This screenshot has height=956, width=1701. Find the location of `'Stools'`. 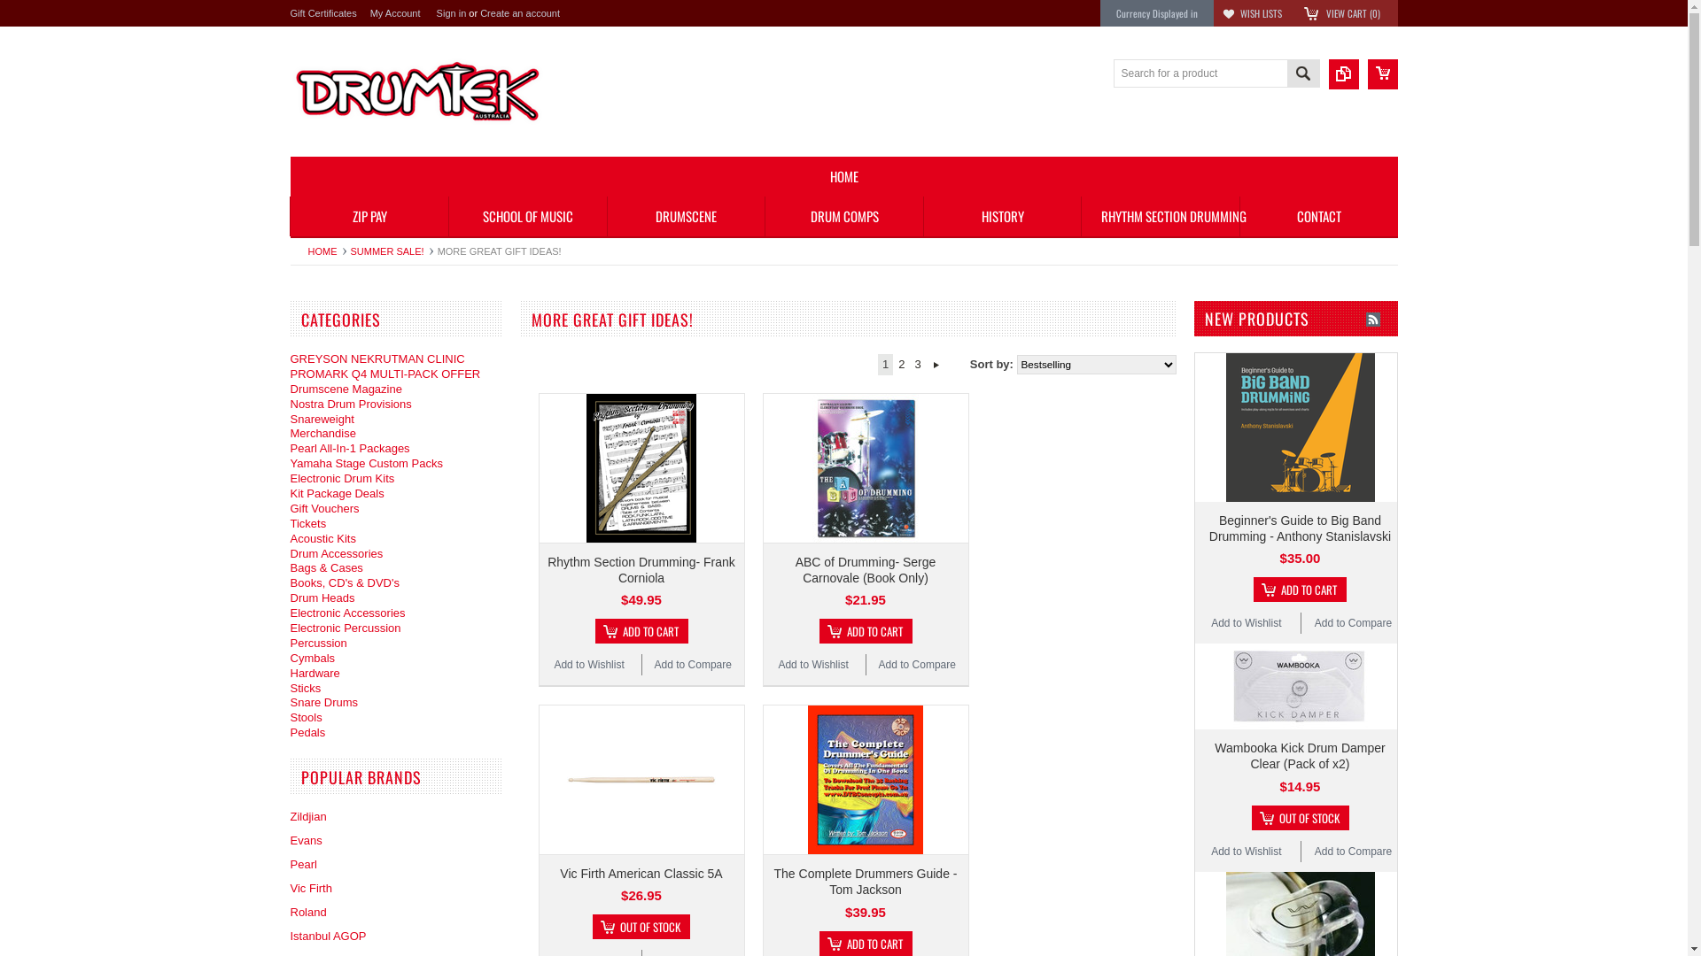

'Stools' is located at coordinates (306, 717).